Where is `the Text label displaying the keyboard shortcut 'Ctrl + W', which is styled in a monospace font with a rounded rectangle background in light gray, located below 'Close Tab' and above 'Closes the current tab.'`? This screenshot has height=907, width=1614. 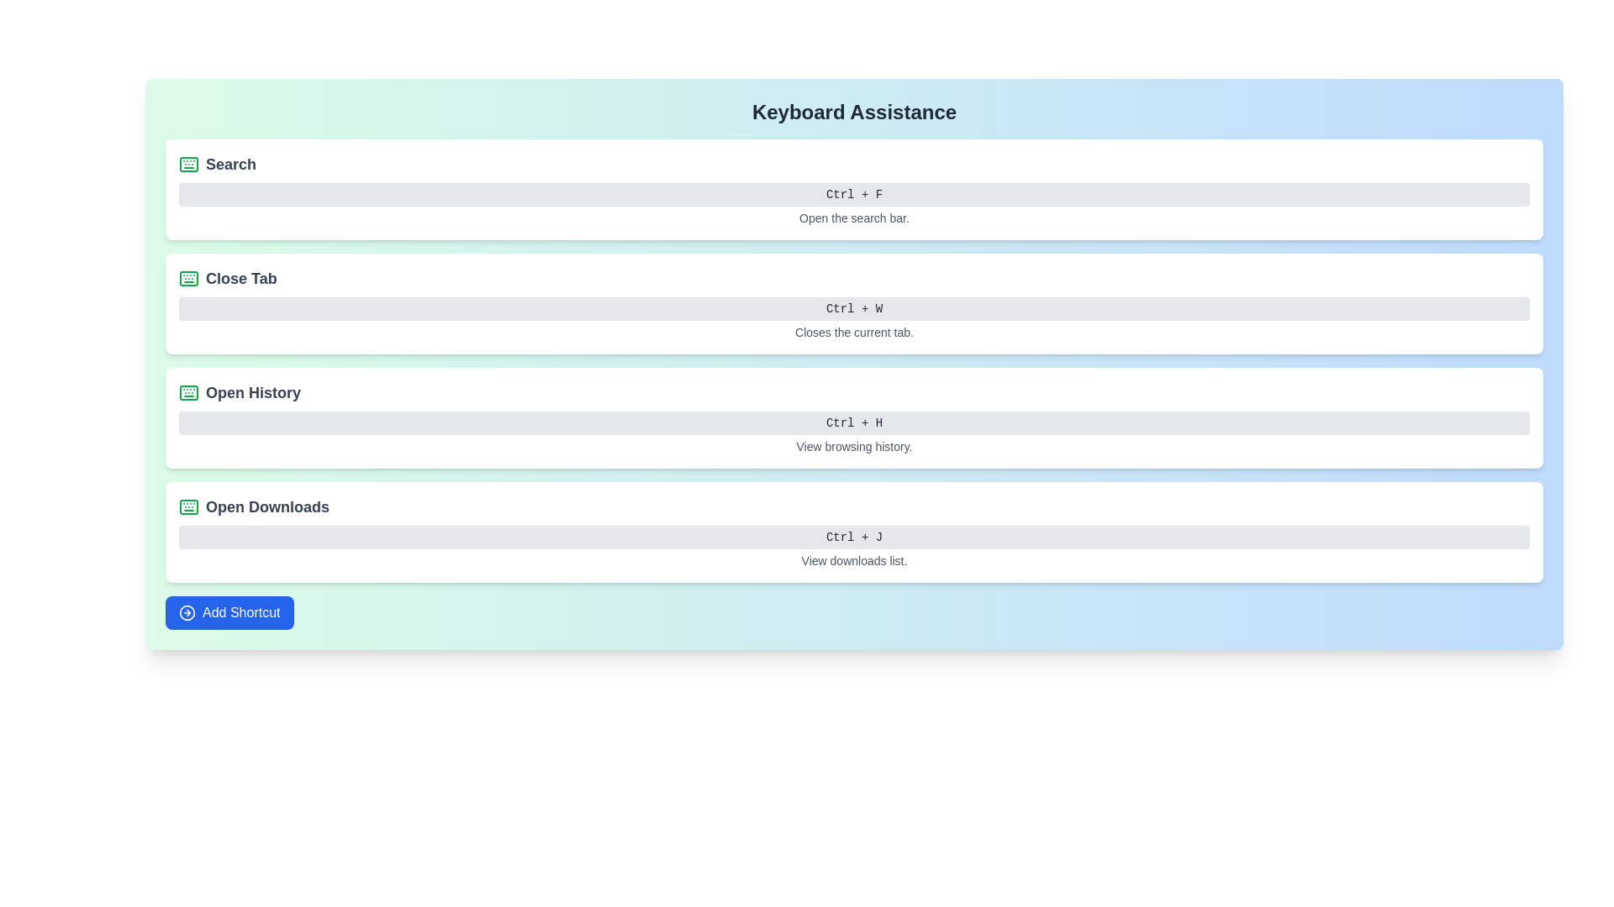 the Text label displaying the keyboard shortcut 'Ctrl + W', which is styled in a monospace font with a rounded rectangle background in light gray, located below 'Close Tab' and above 'Closes the current tab.' is located at coordinates (854, 308).